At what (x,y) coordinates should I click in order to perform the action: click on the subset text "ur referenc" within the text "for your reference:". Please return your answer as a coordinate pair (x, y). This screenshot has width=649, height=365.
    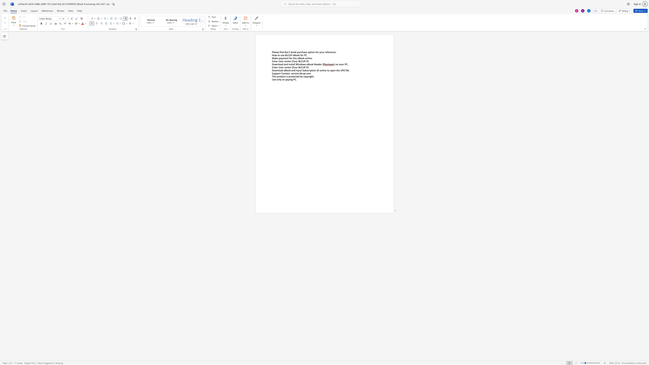
    Looking at the image, I should click on (322, 52).